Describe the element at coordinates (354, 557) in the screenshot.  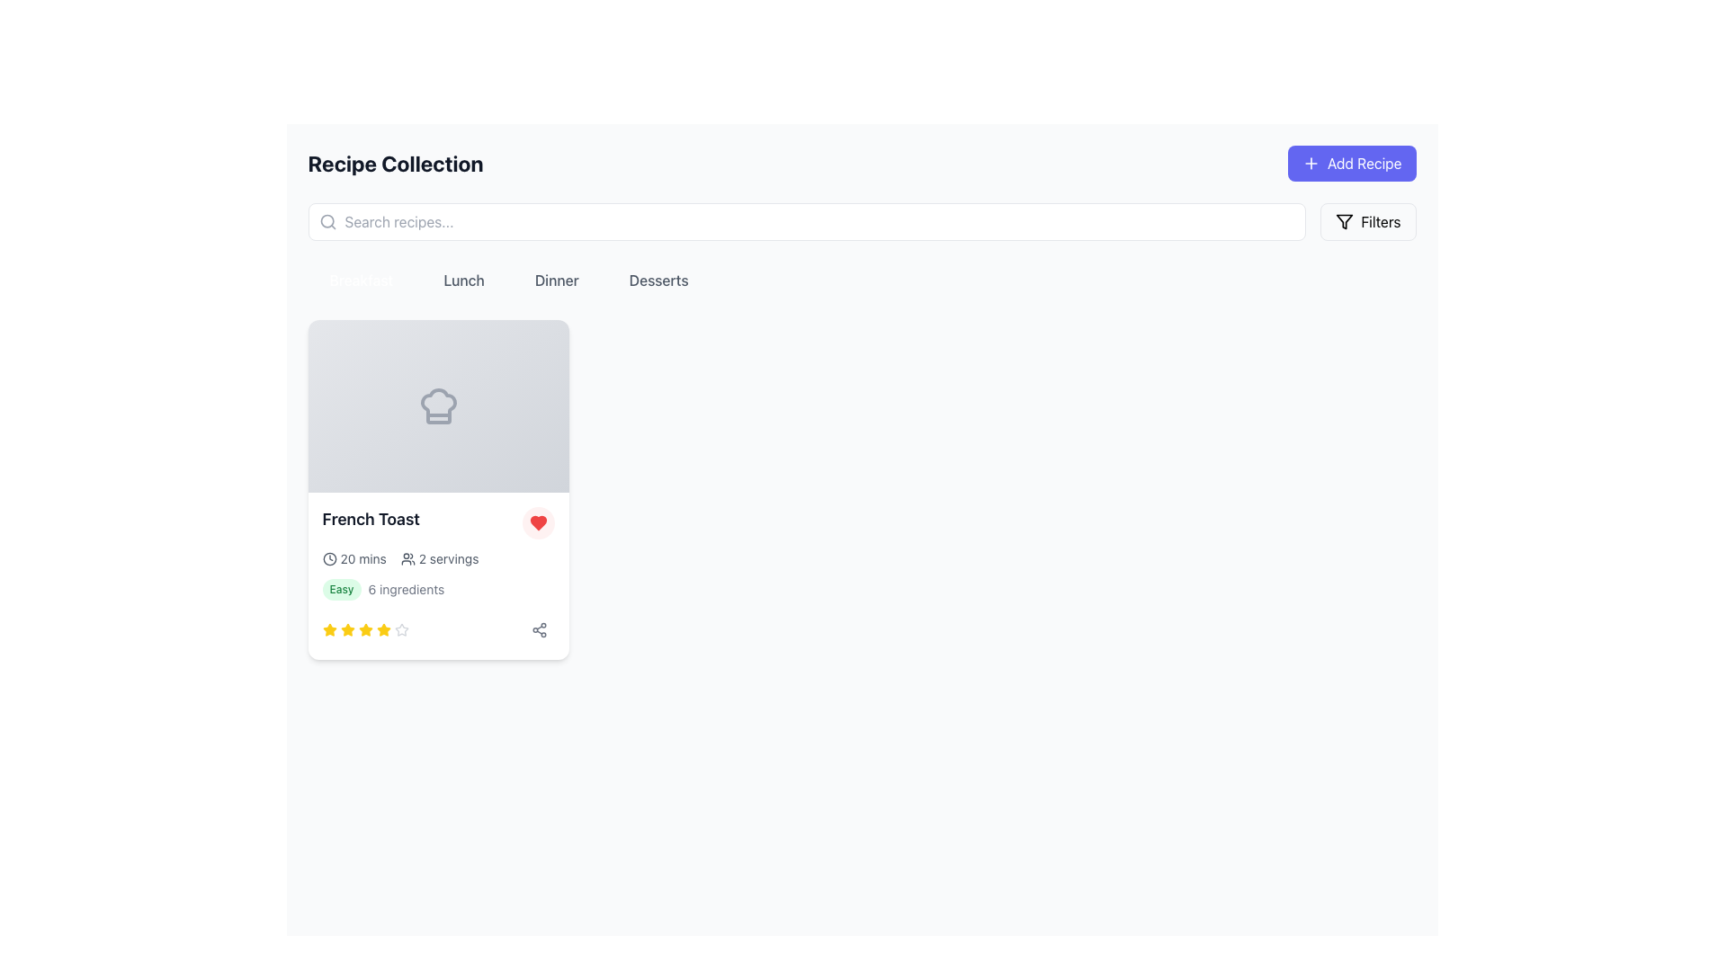
I see `the preparation time label, which includes a clock icon and text, located below the recipe title 'French Toast' within the recipe card` at that location.